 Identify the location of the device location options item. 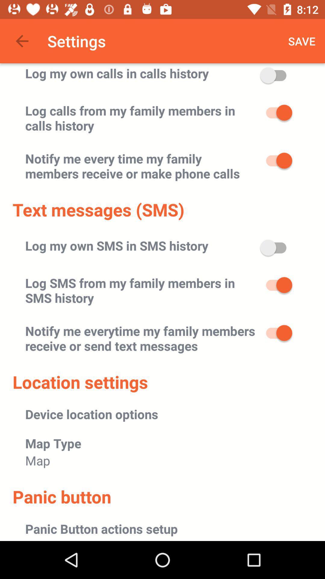
(91, 414).